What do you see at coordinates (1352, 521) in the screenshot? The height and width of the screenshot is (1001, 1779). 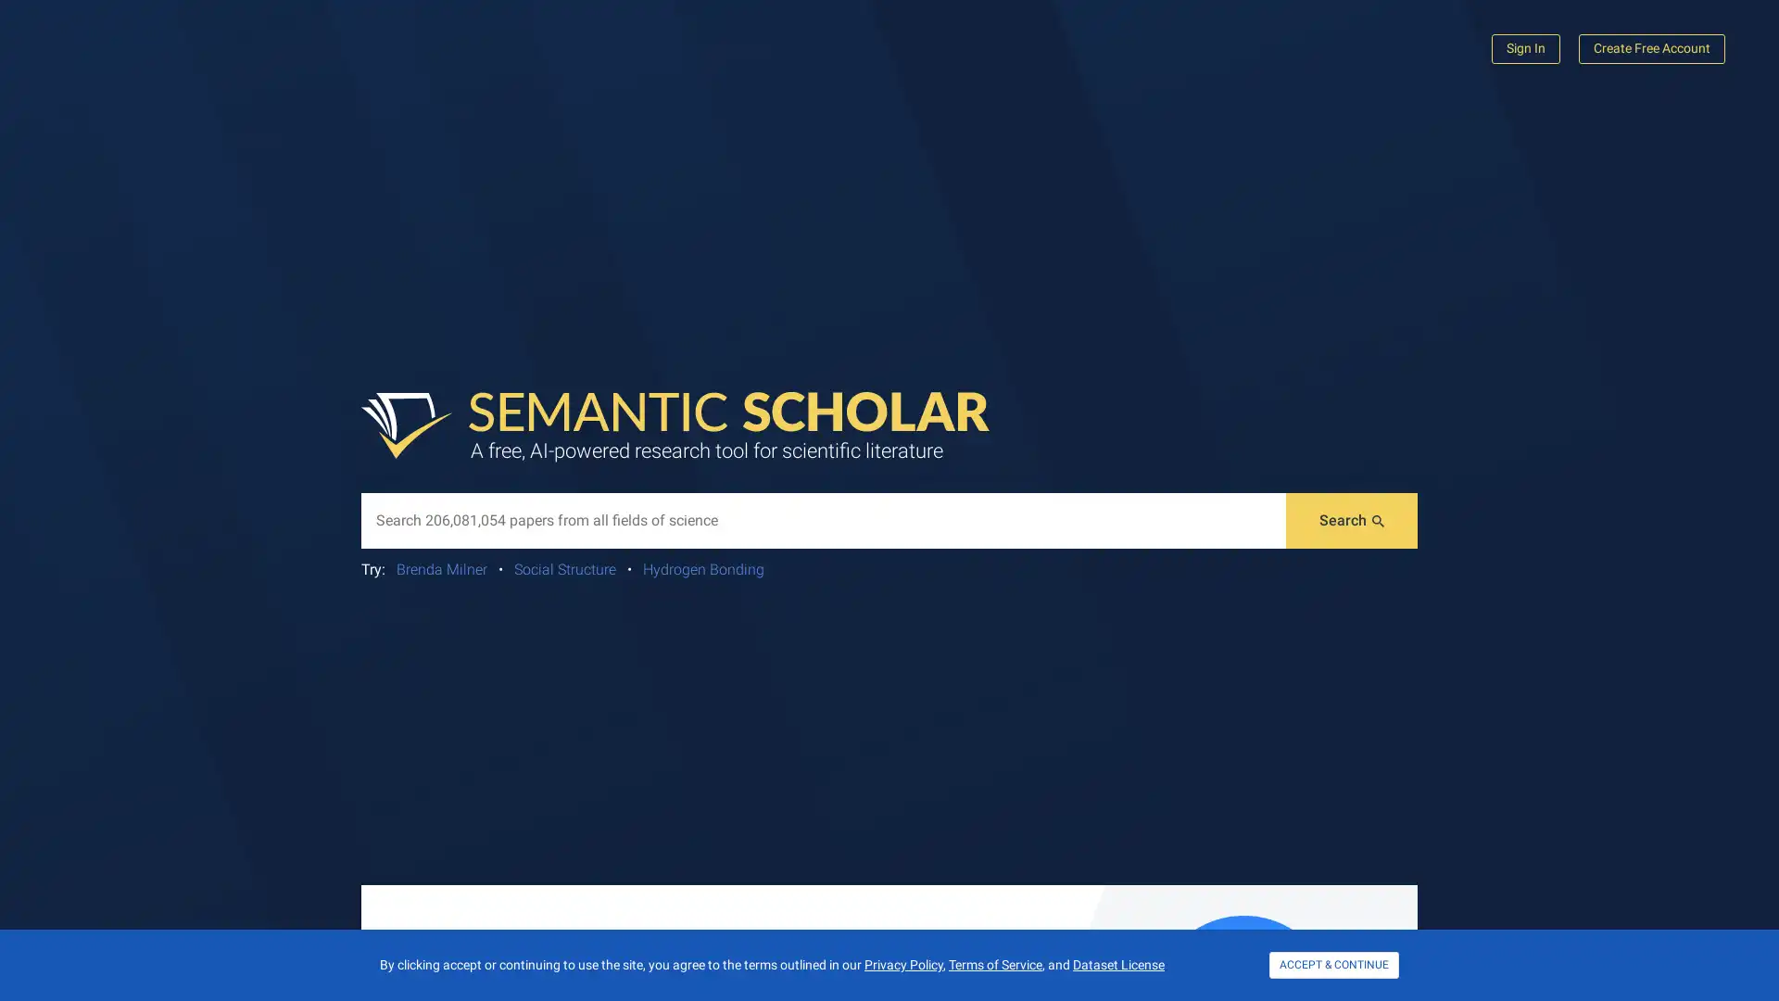 I see `Submit` at bounding box center [1352, 521].